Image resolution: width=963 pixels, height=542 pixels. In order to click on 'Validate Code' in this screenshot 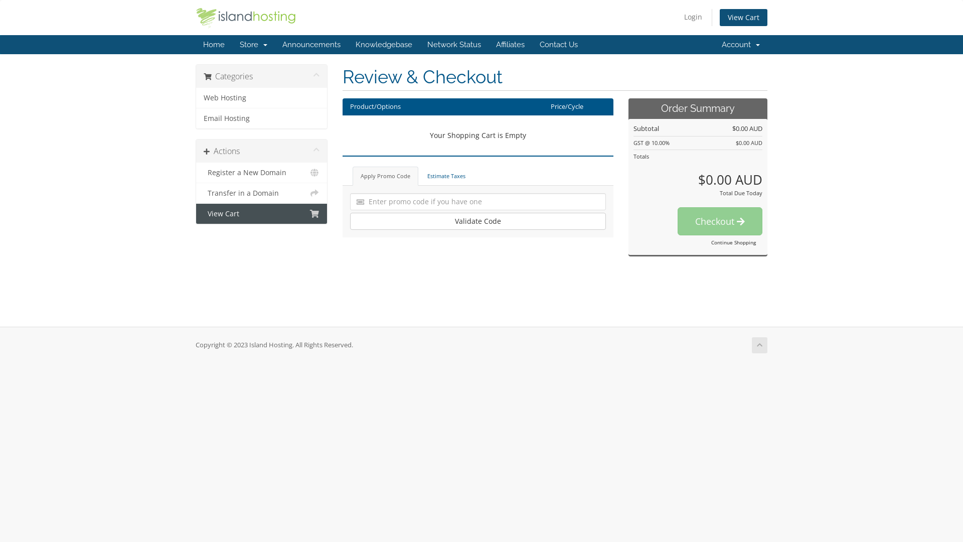, I will do `click(477, 220)`.